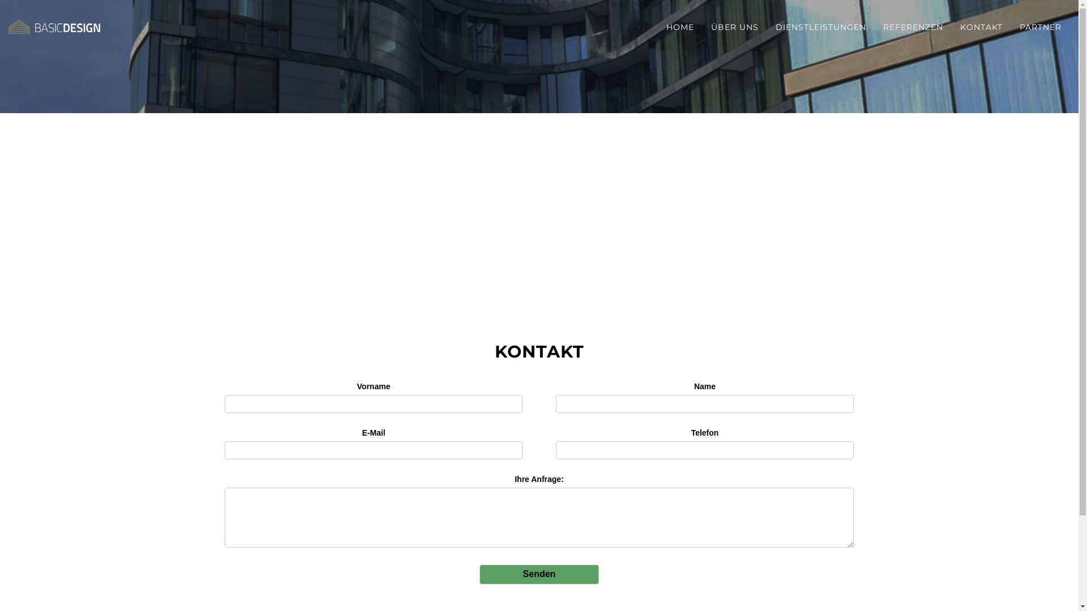  I want to click on 'PARTNER', so click(1041, 27).